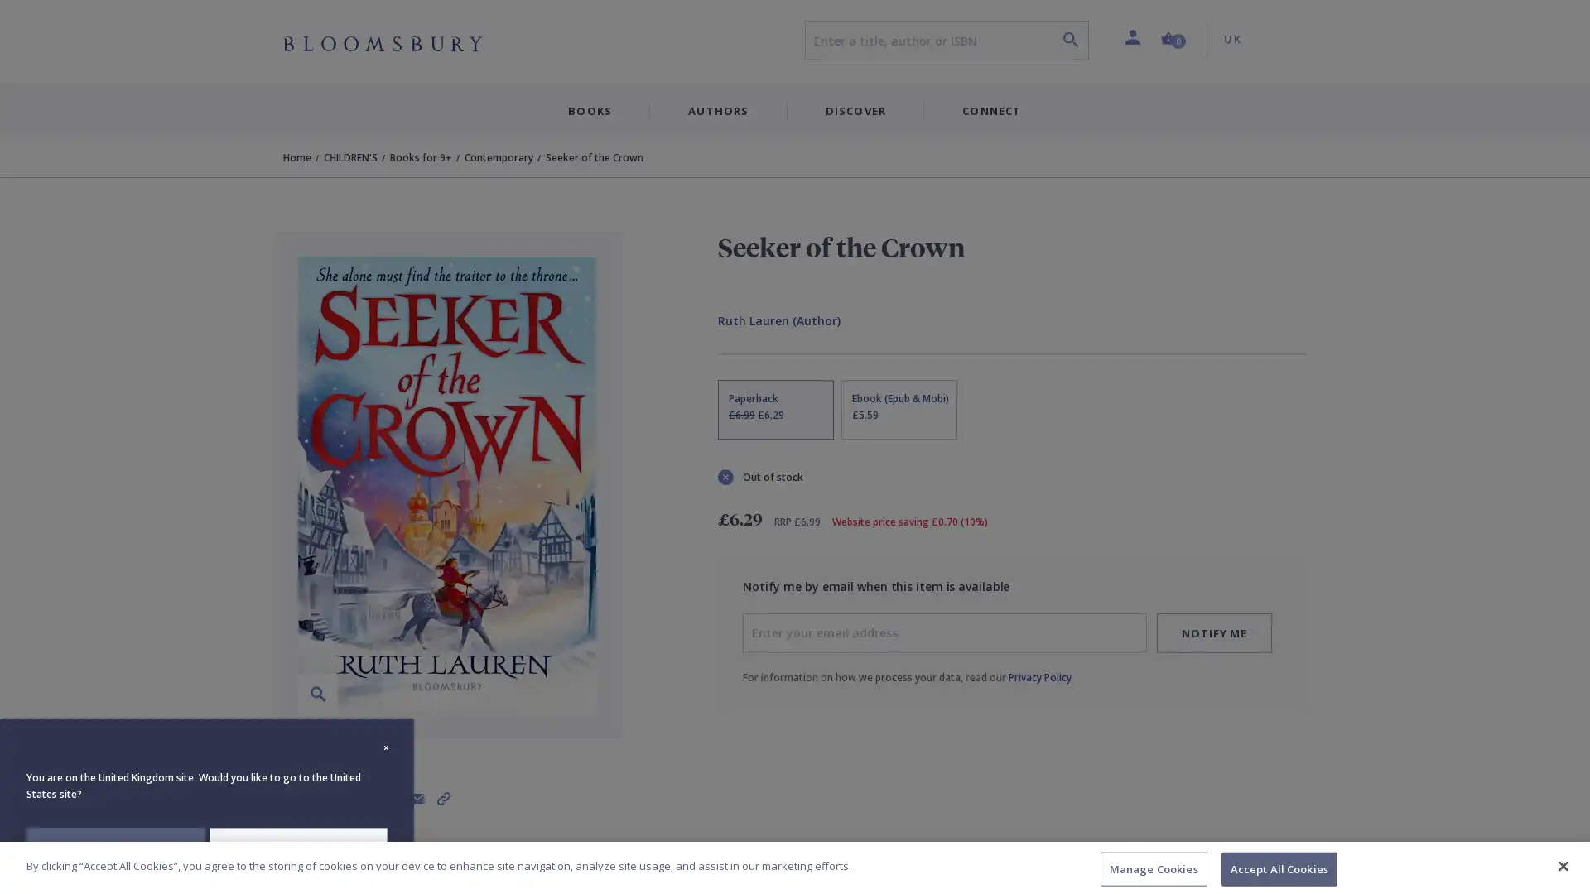 The height and width of the screenshot is (894, 1590). I want to click on REDIRECT, so click(298, 847).